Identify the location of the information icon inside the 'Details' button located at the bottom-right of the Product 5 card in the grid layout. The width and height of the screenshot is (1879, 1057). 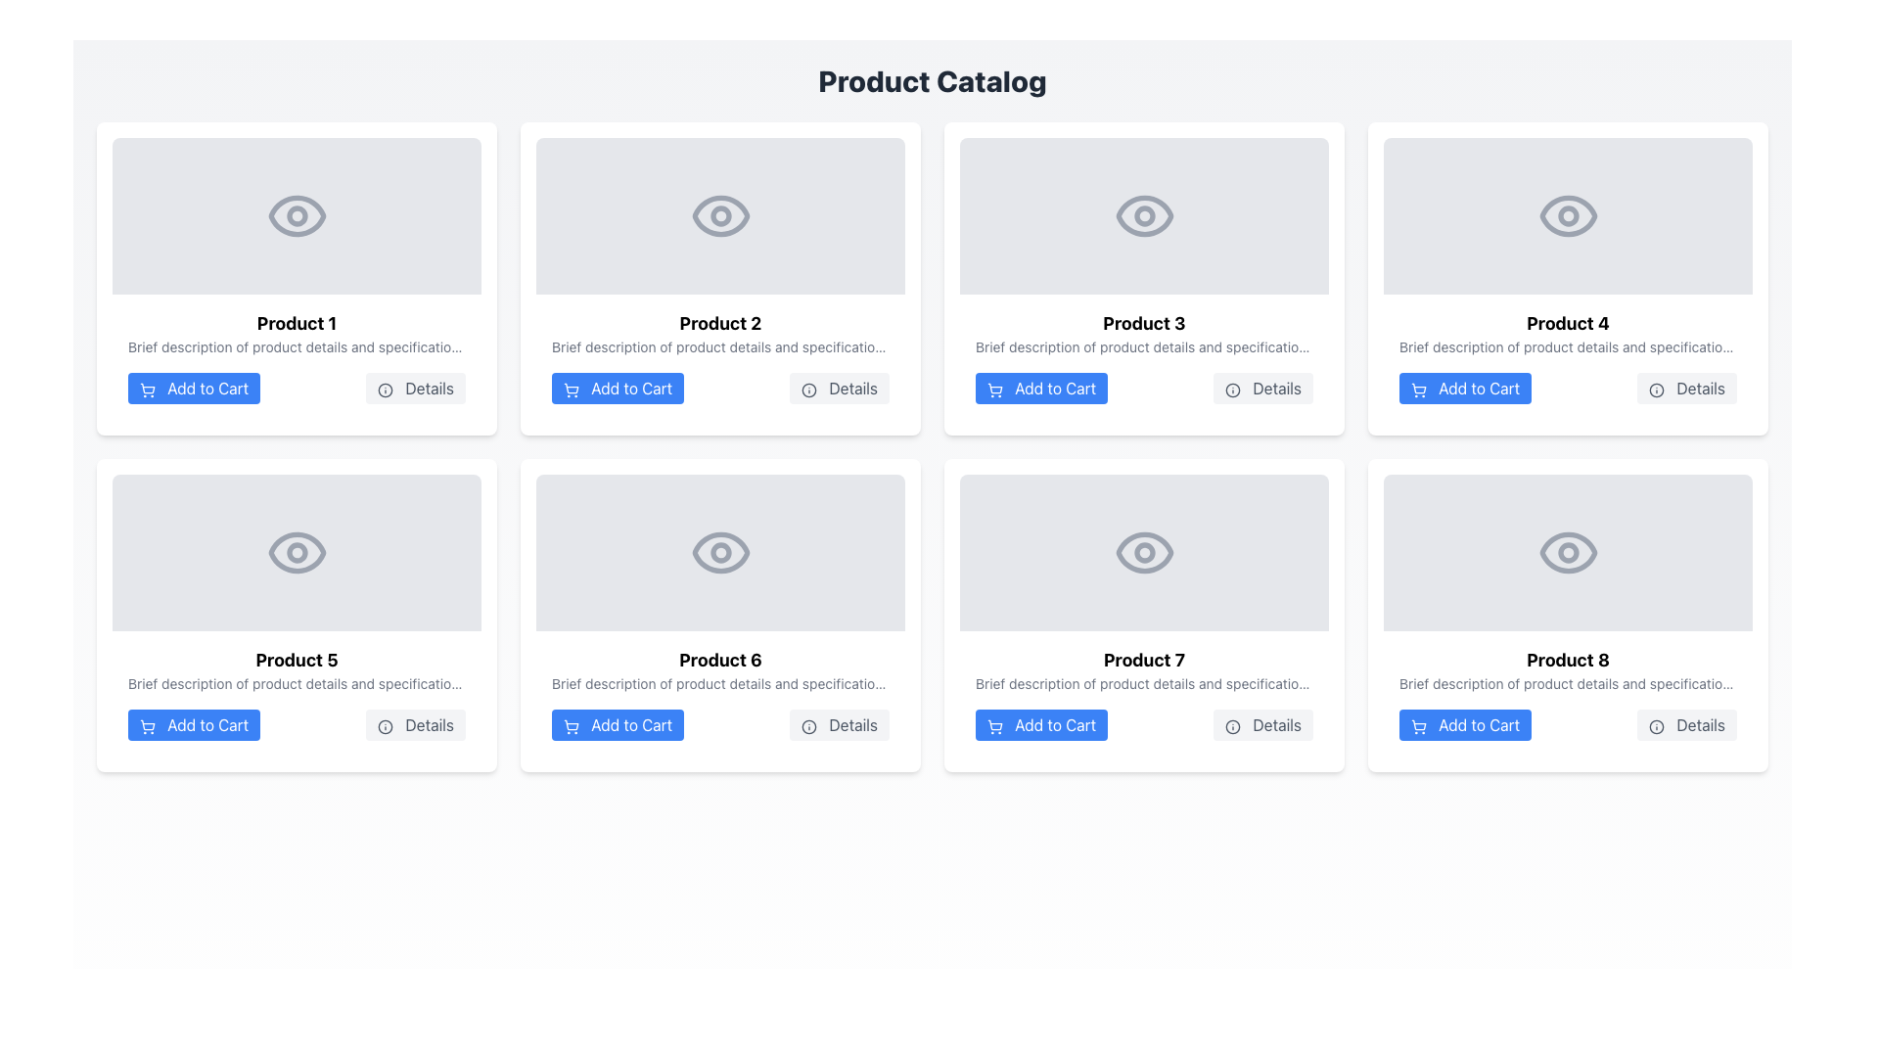
(386, 726).